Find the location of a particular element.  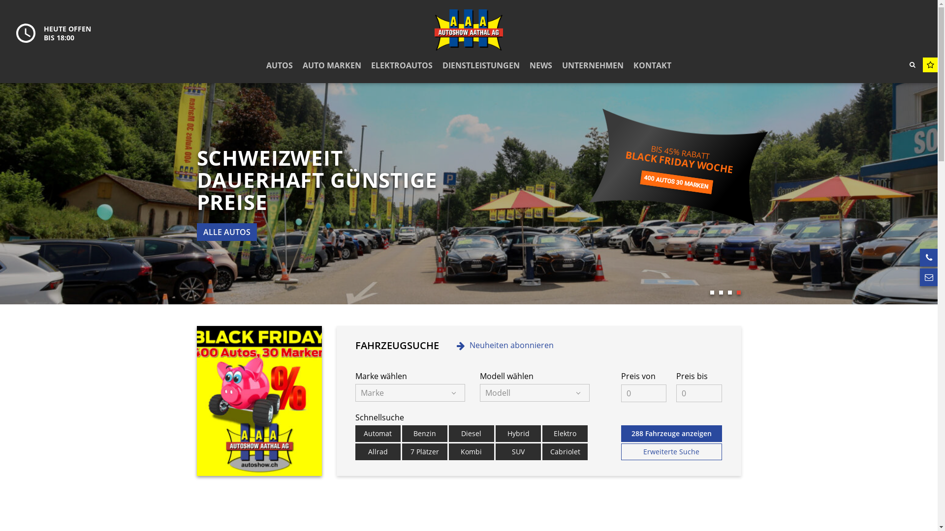

'Modell' is located at coordinates (479, 392).